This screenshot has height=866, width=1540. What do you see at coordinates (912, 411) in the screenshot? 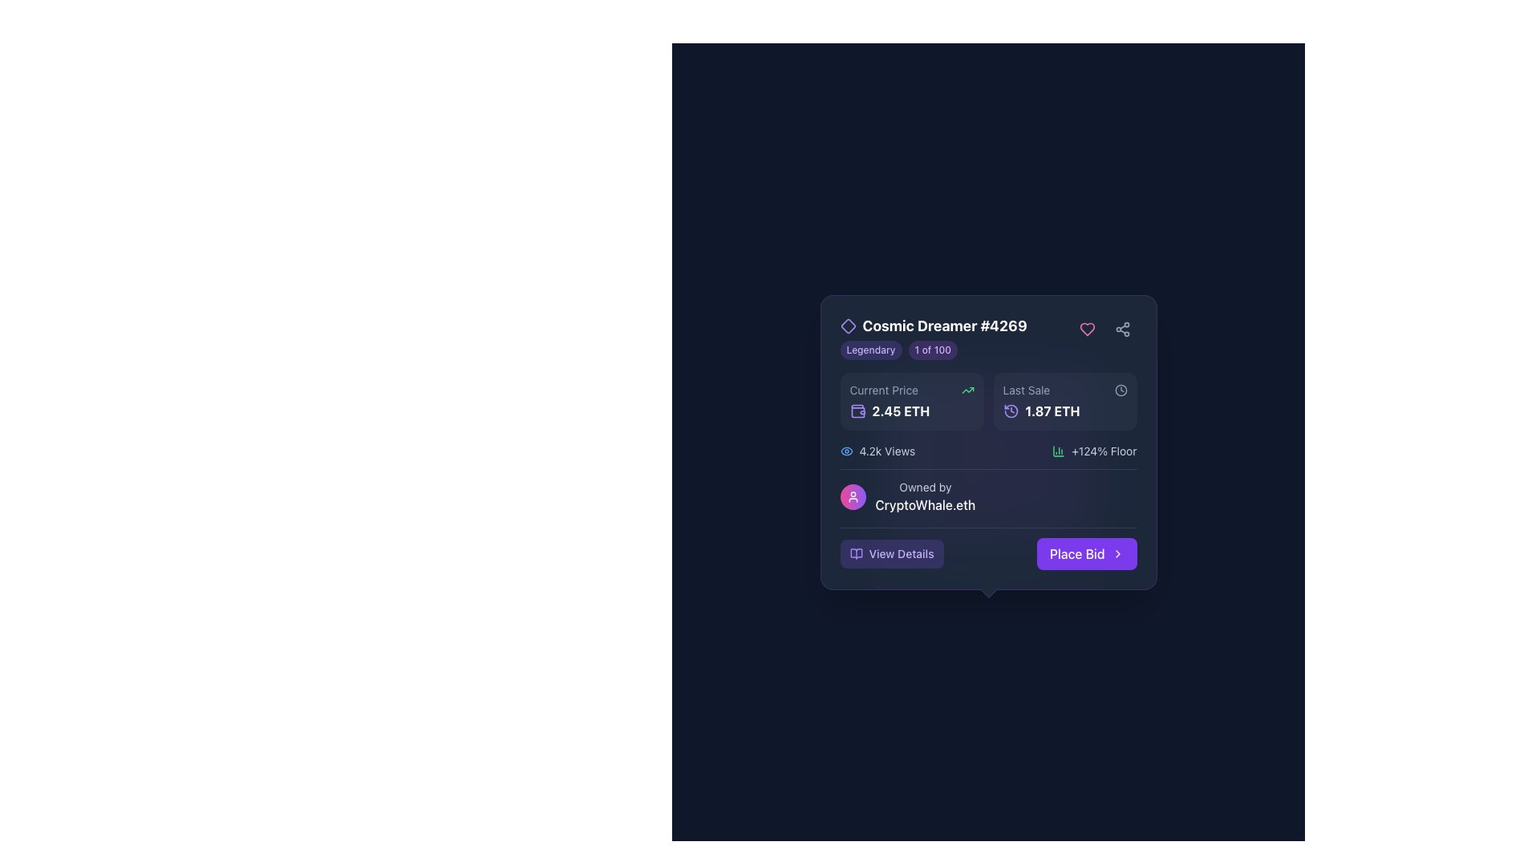
I see `the 'Current Price' text element displaying the current price value in 'ETH', located next to the green upward trend icon` at bounding box center [912, 411].